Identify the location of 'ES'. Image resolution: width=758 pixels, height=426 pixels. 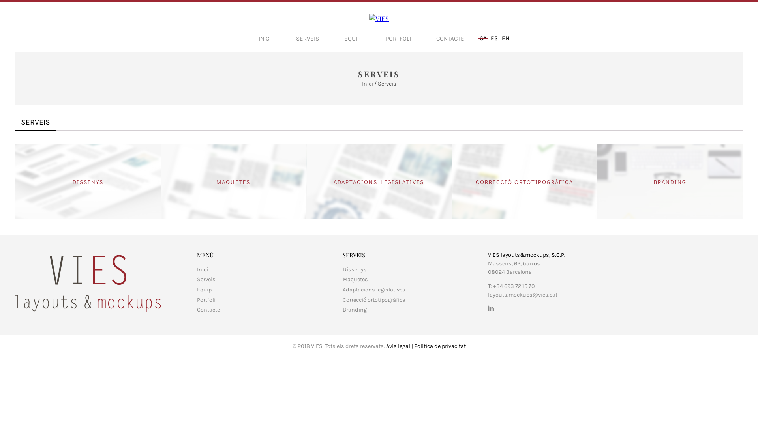
(494, 38).